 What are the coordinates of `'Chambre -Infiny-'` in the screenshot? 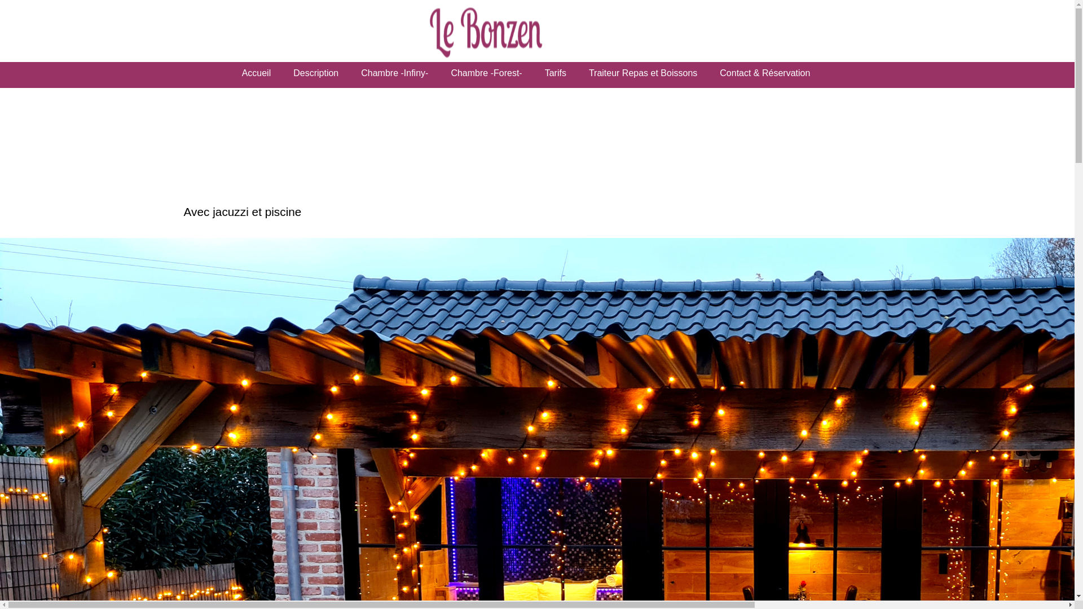 It's located at (394, 73).